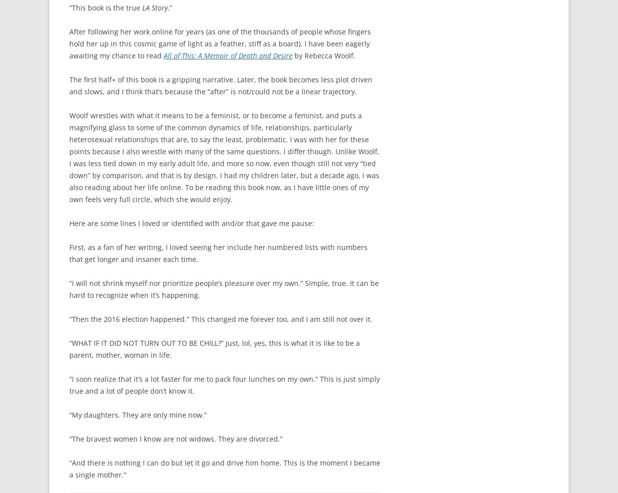  What do you see at coordinates (218, 252) in the screenshot?
I see `'First, as a fan of her writing, I loved seeing her include her numbered lists with numbers that get longer and insaner each time.'` at bounding box center [218, 252].